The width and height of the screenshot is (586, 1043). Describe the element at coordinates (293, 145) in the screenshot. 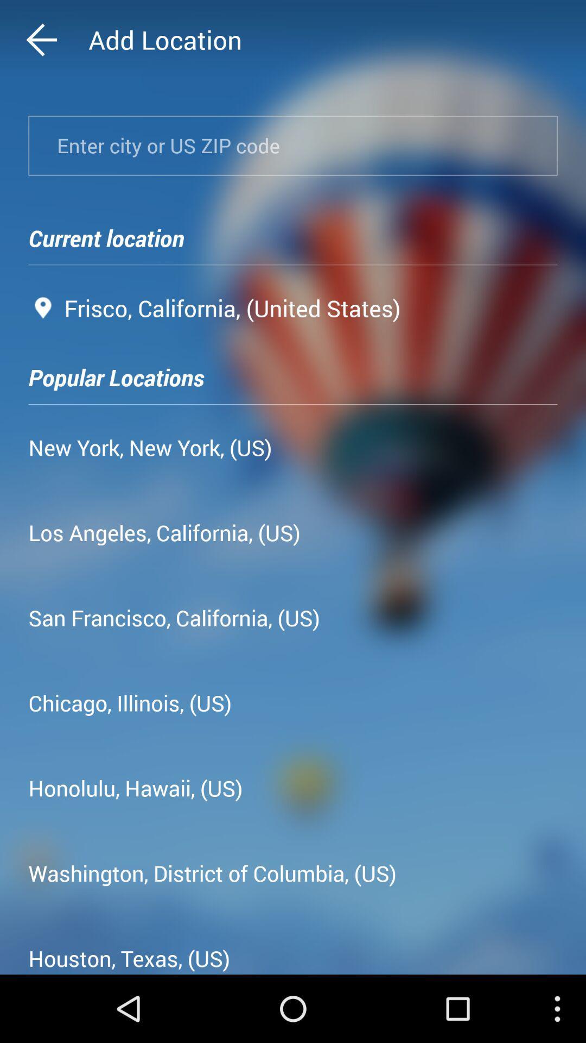

I see `zipcode` at that location.